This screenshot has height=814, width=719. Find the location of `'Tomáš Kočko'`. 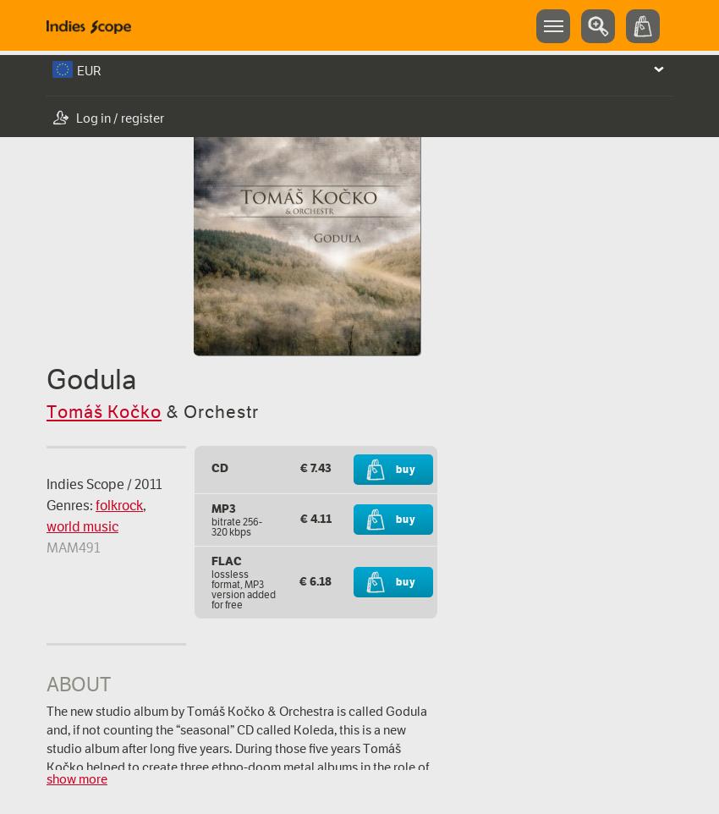

'Tomáš Kočko' is located at coordinates (102, 410).